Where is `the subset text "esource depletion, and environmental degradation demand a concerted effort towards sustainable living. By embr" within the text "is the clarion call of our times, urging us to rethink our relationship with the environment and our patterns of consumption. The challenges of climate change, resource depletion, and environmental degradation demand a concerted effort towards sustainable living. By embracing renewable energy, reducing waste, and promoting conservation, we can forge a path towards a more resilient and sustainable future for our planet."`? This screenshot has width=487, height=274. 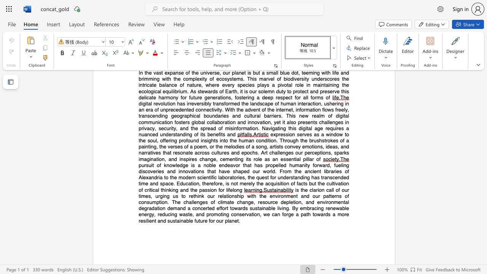
the subset text "esource depletion, and environmental degradation demand a concerted effort towards sustainable living. By embr" within the text "is the clarion call of our times, urging us to rethink our relationship with the environment and our patterns of consumption. The challenges of climate change, resource depletion, and environmental degradation demand a concerted effort towards sustainable living. By embracing renewable energy, reducing waste, and promoting conservation, we can forge a path towards a more resilient and sustainable future for our planet." is located at coordinates (259, 202).